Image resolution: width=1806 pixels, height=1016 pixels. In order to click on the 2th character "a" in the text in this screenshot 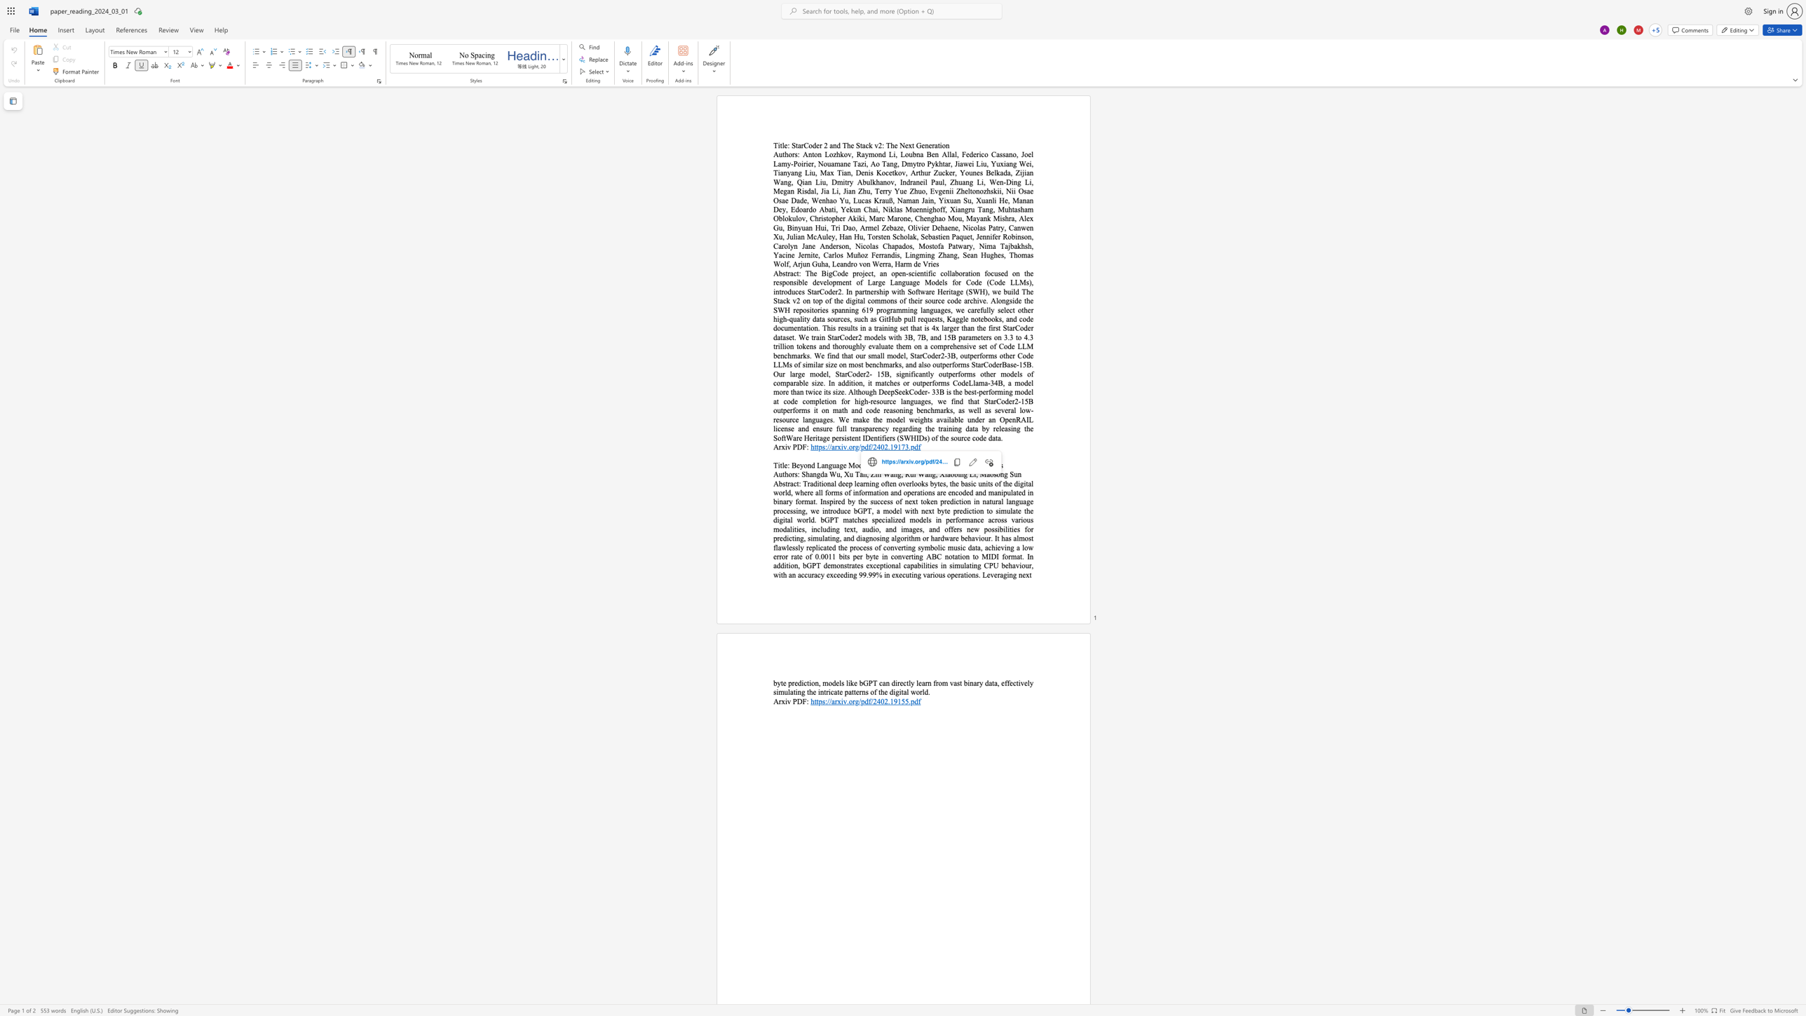, I will do `click(825, 474)`.